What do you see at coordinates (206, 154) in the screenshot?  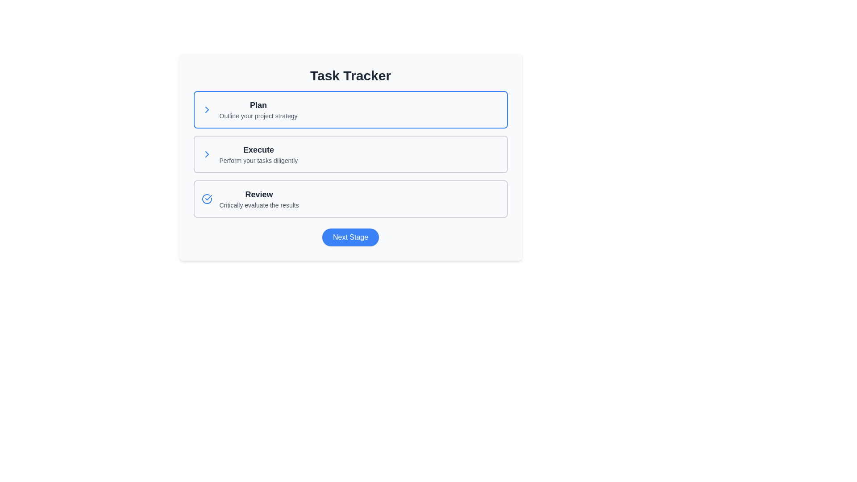 I see `the right-pointing chevron arrow icon next to the text labeled 'Plan' in the first item of the list` at bounding box center [206, 154].